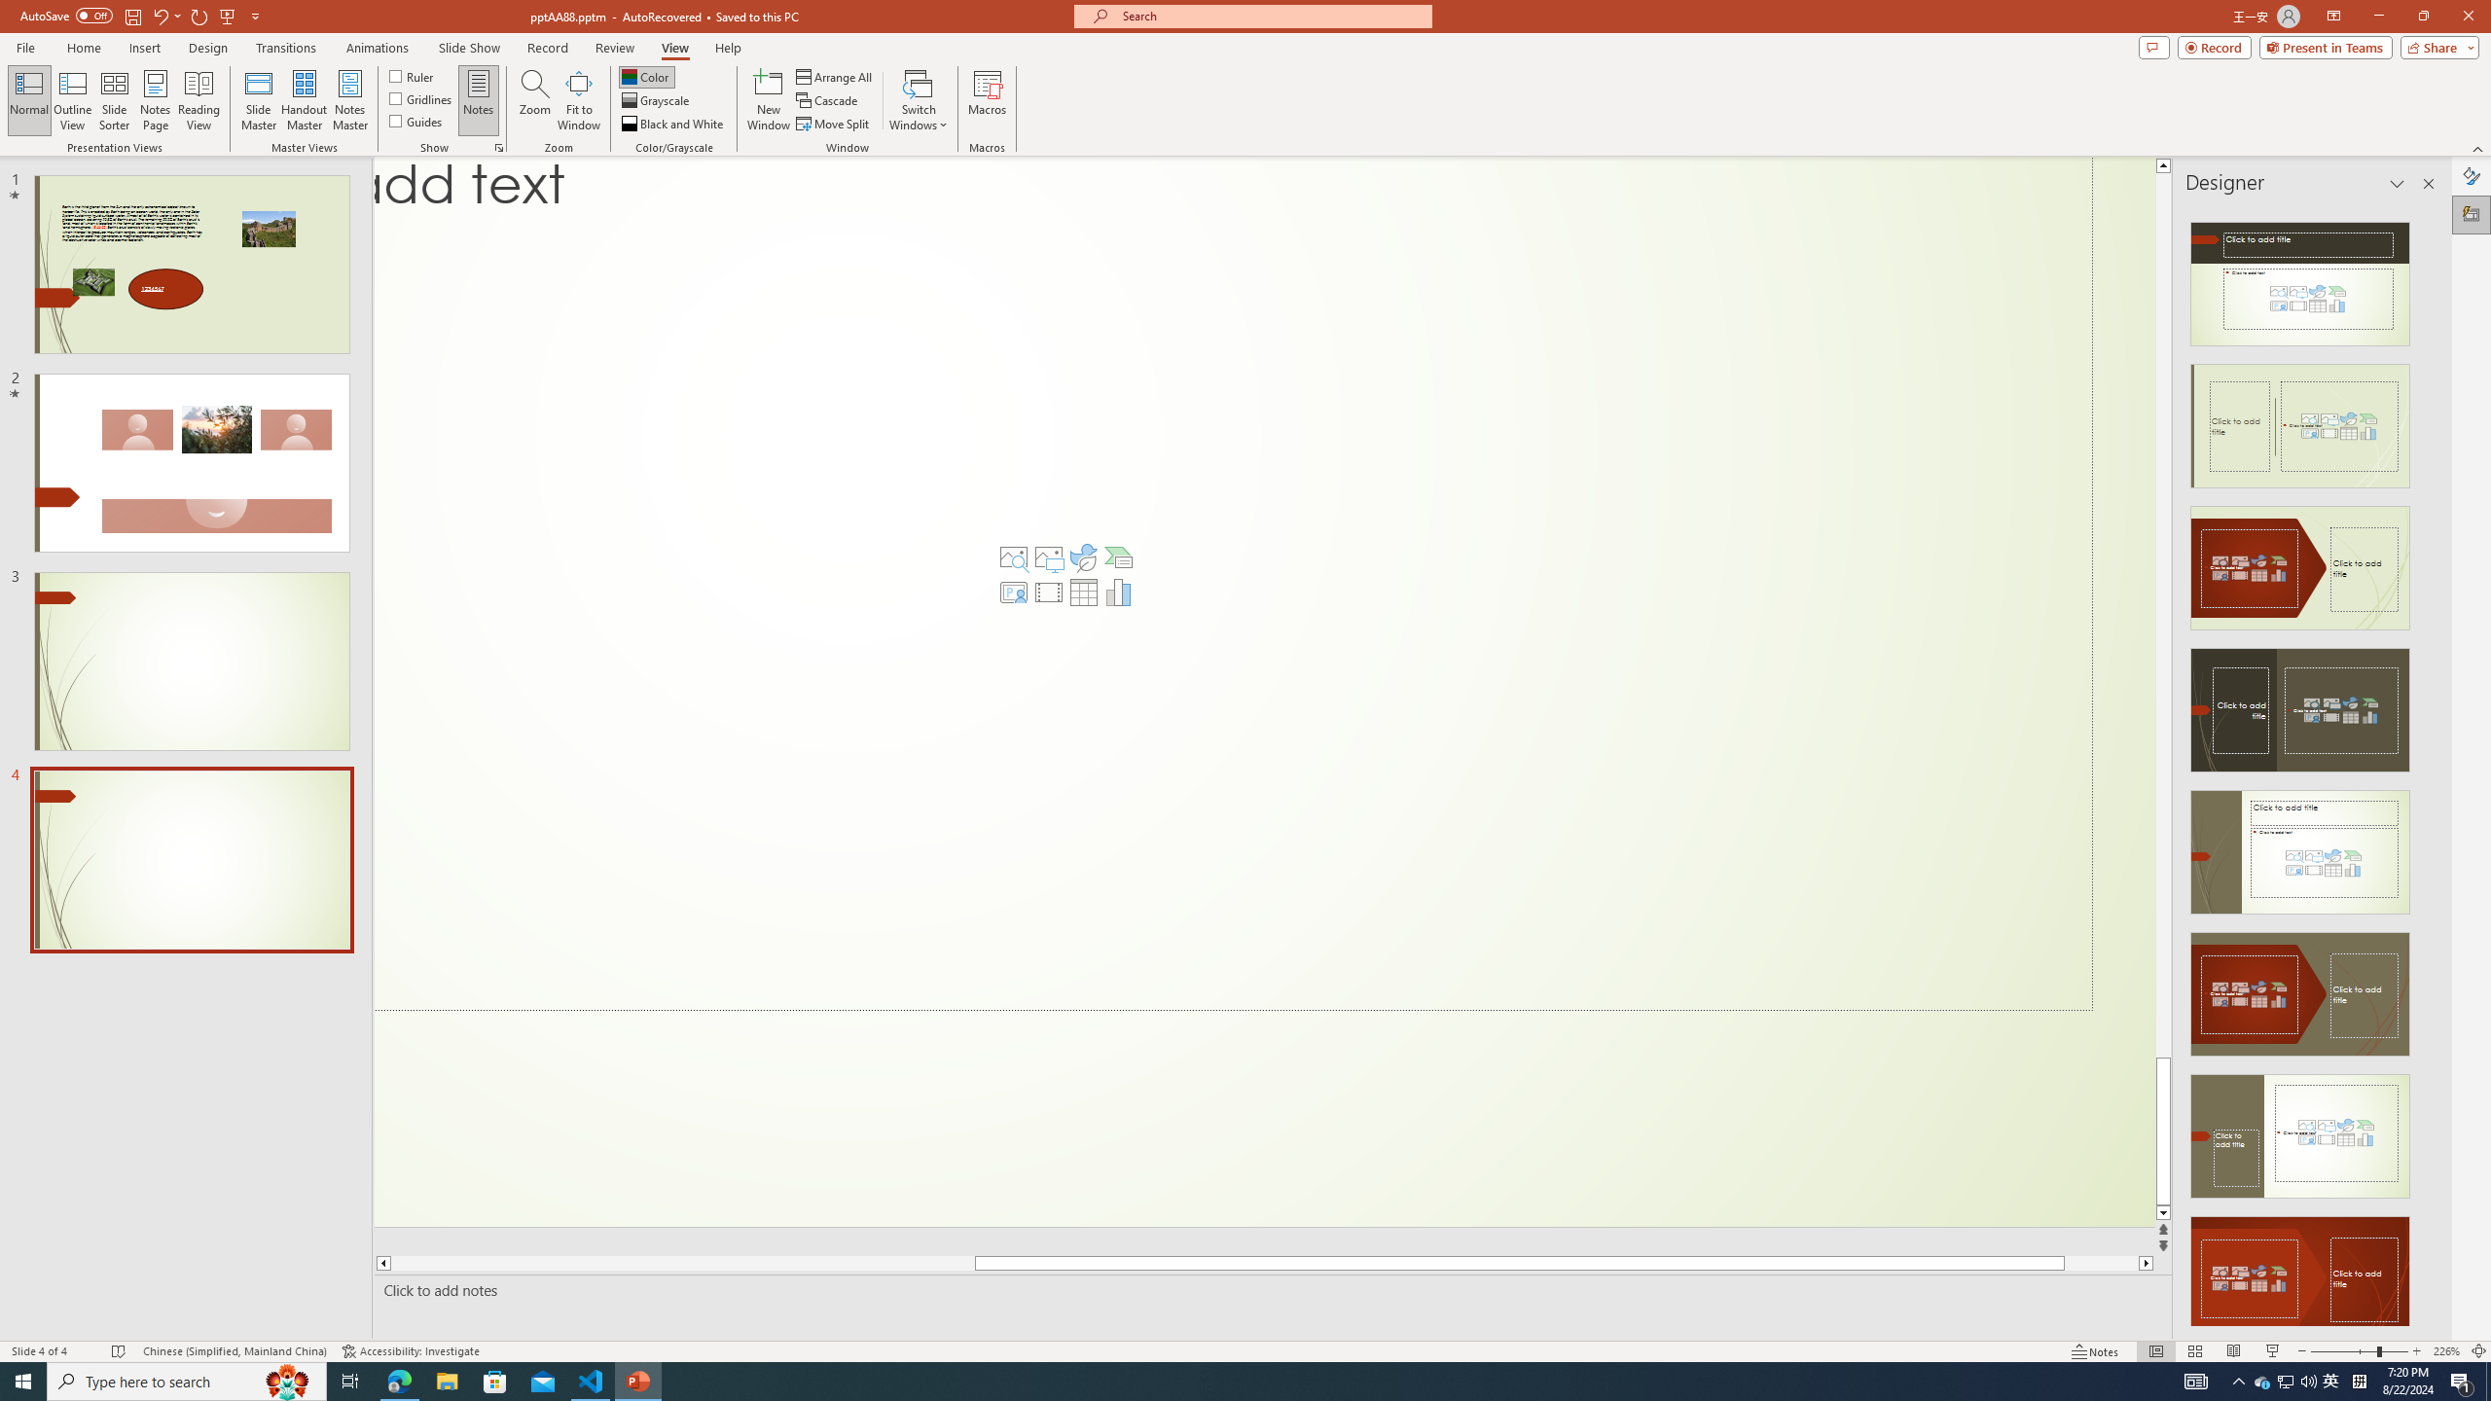  What do you see at coordinates (2471, 175) in the screenshot?
I see `'Format Background'` at bounding box center [2471, 175].